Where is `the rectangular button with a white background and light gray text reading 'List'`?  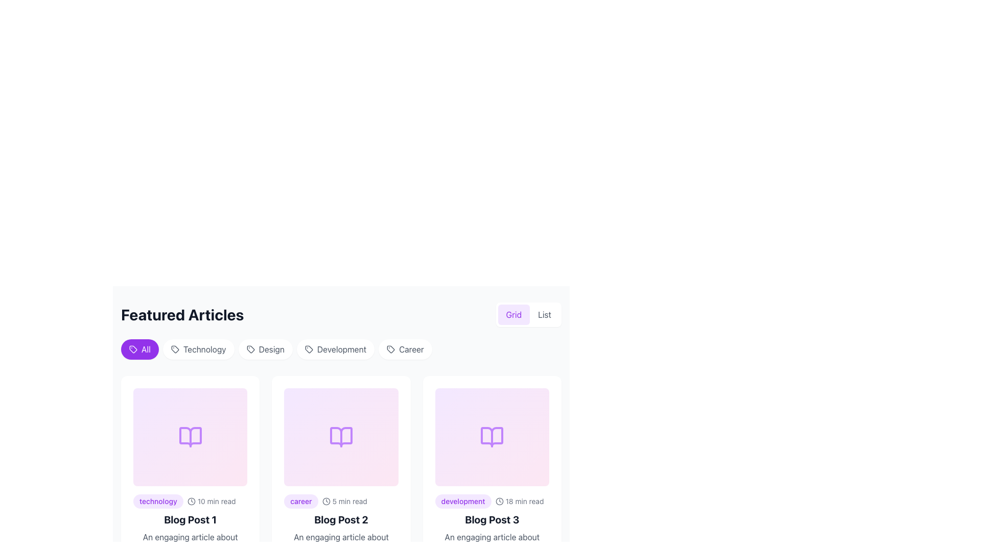 the rectangular button with a white background and light gray text reading 'List' is located at coordinates (544, 314).